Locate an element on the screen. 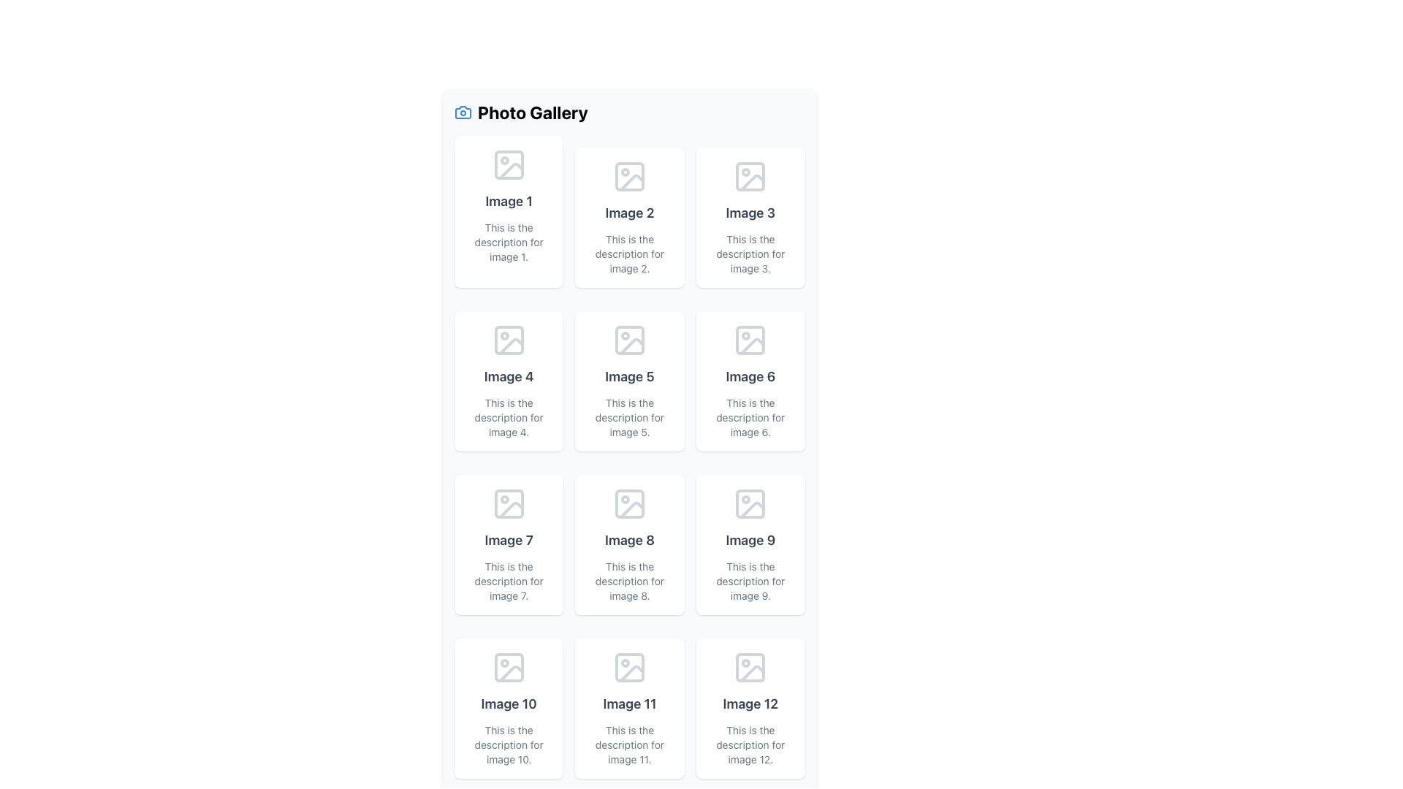 This screenshot has width=1403, height=789. the icon resembling an image representation within the card labeled 'Image 9' is located at coordinates (750, 503).